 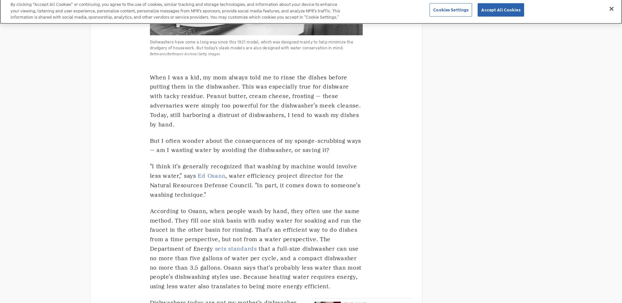 What do you see at coordinates (211, 176) in the screenshot?
I see `'Ed Osann'` at bounding box center [211, 176].